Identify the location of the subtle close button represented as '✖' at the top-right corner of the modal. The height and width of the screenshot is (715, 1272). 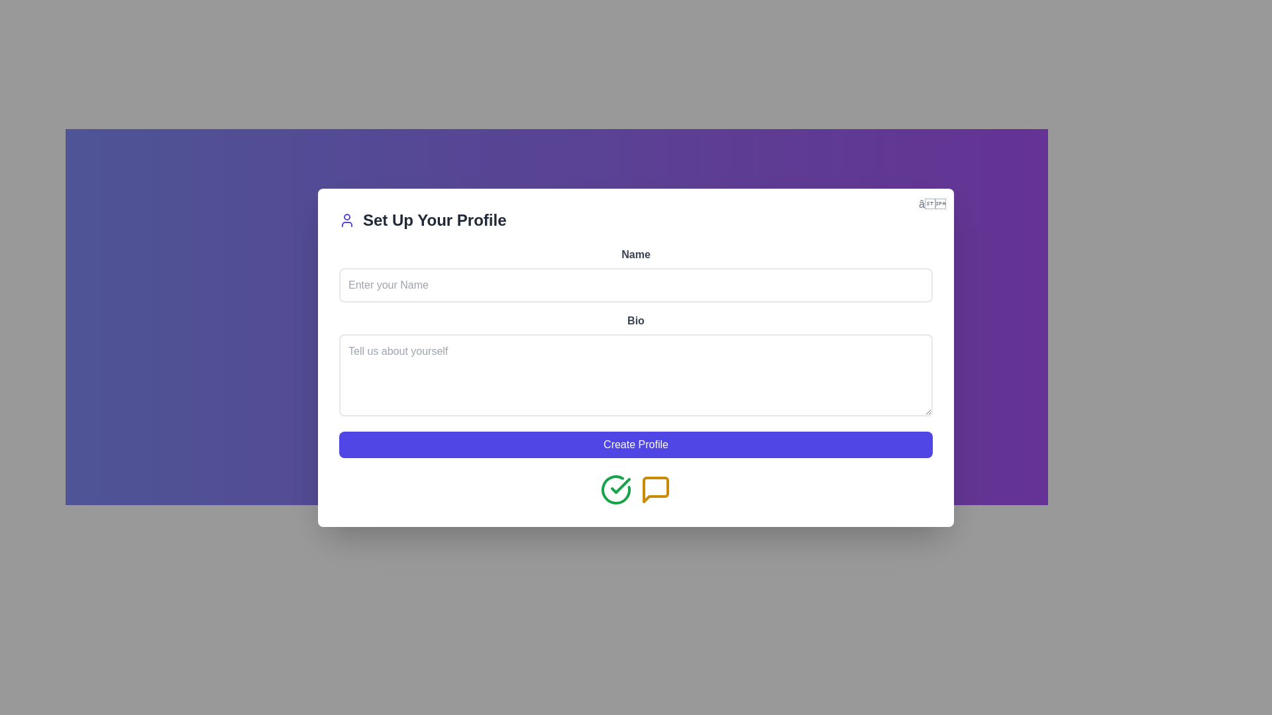
(931, 204).